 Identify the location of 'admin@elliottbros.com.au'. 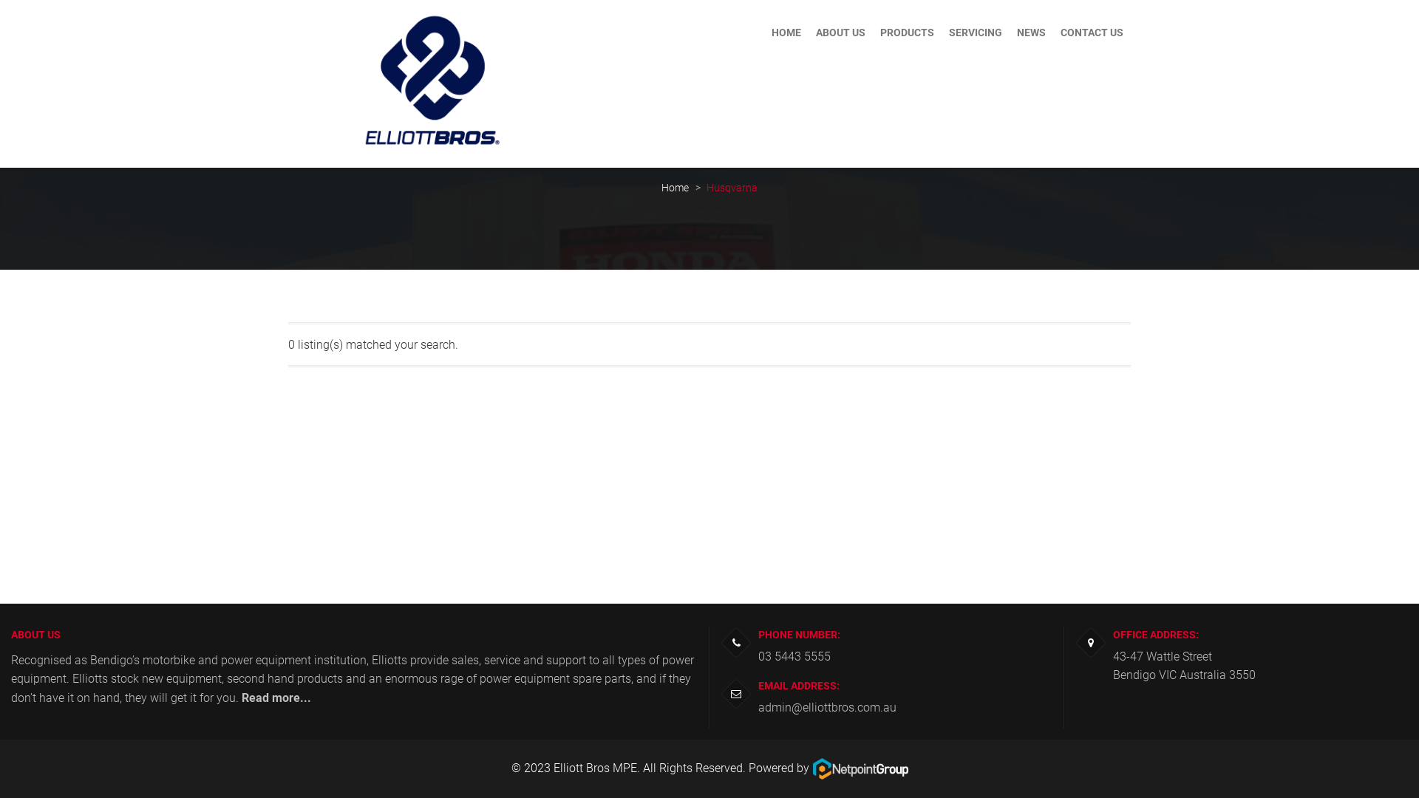
(826, 706).